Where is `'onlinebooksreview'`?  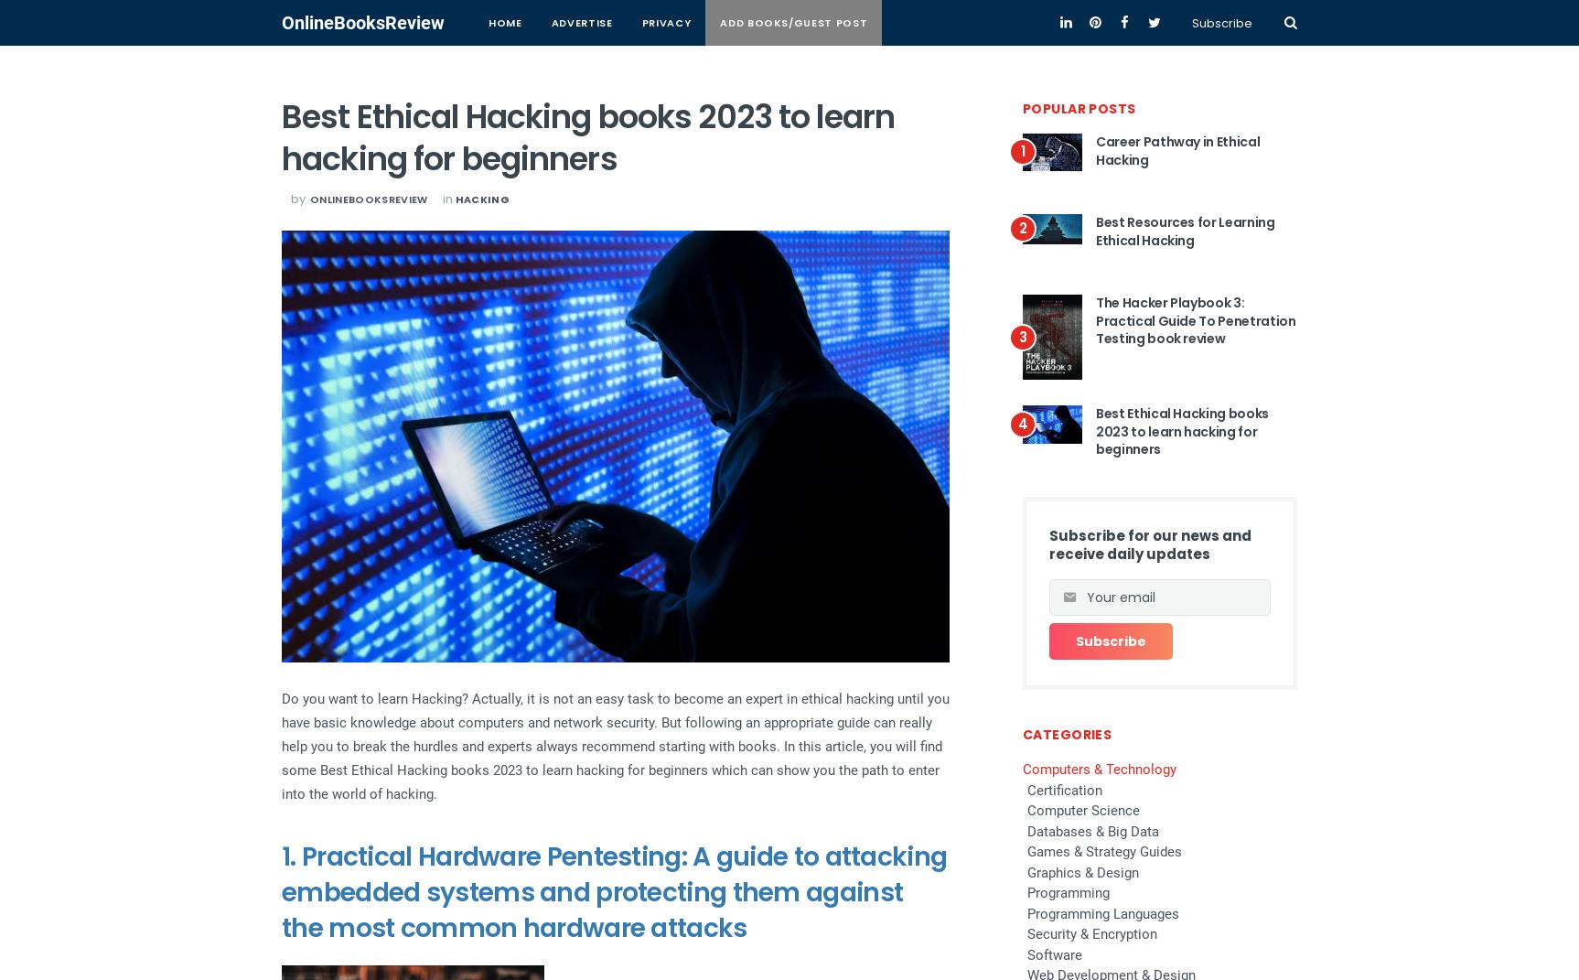
'onlinebooksreview' is located at coordinates (369, 197).